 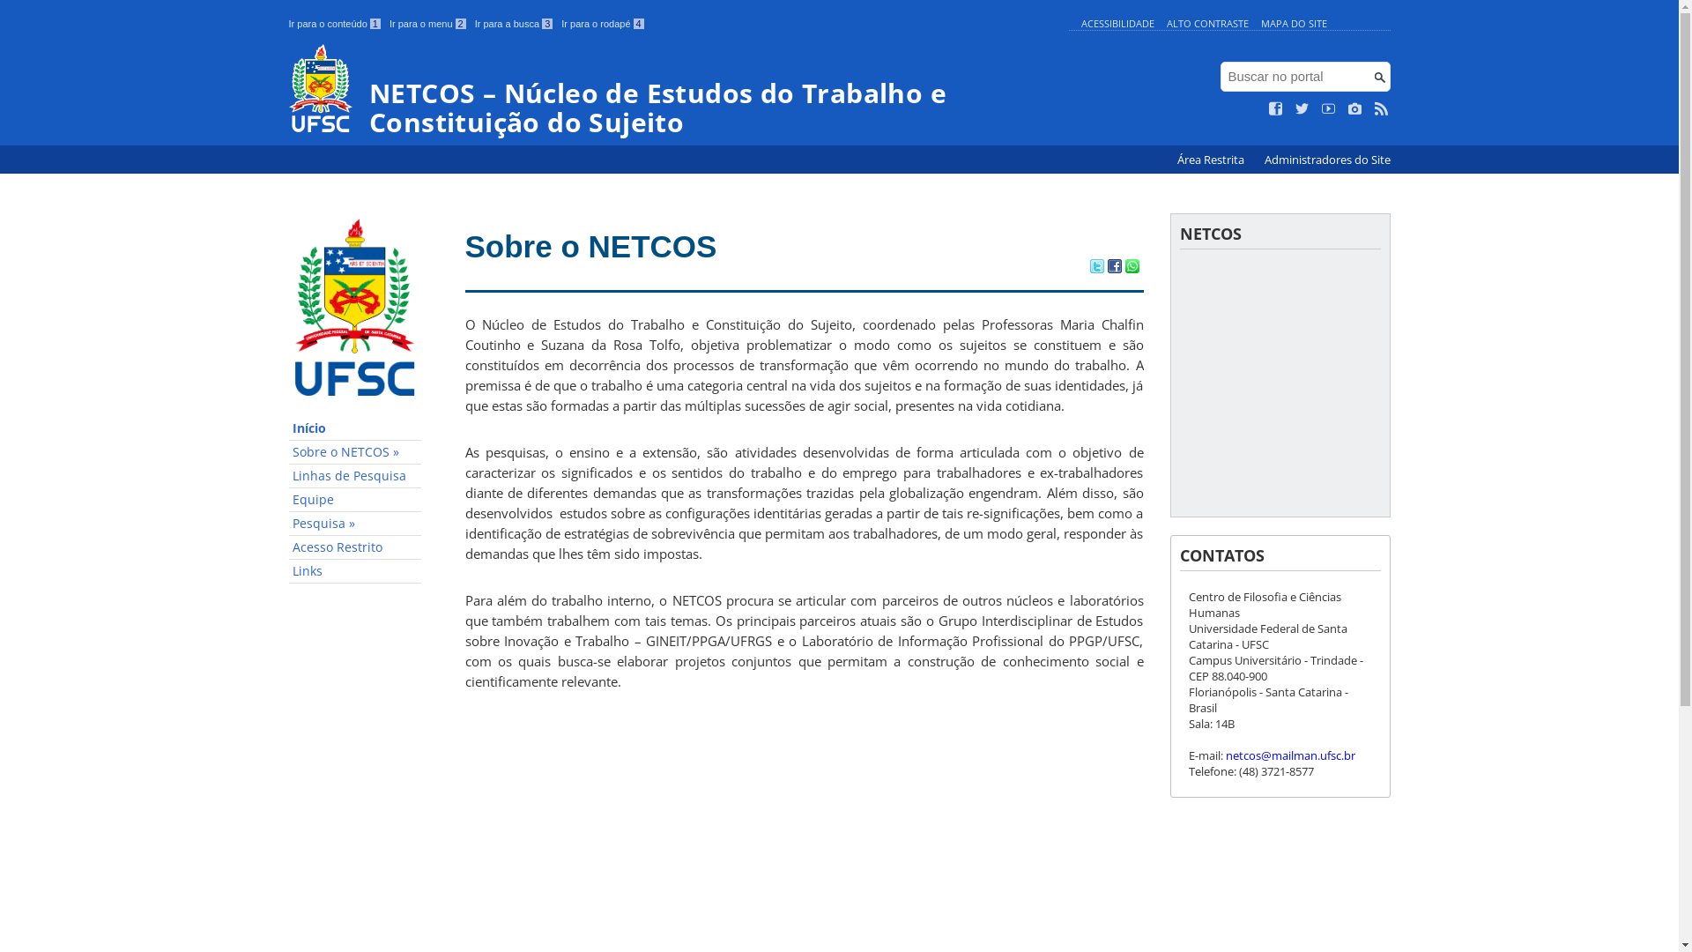 I want to click on 'Compartilhar no WhatsApp', so click(x=1124, y=268).